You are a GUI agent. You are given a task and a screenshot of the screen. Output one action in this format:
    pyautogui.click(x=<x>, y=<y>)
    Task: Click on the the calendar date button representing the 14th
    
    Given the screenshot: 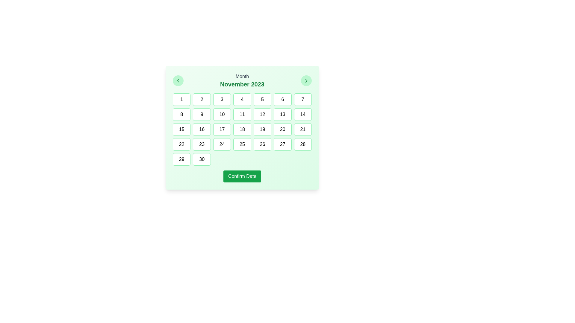 What is the action you would take?
    pyautogui.click(x=303, y=114)
    